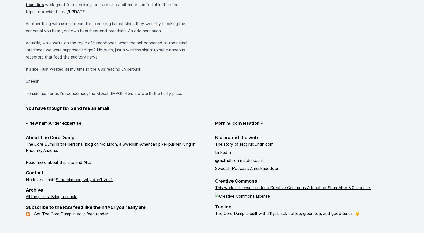  Describe the element at coordinates (107, 50) in the screenshot. I see `'Actually, while we’re on the topic of headphones, what the hell happened to the neural interfaces we were supposed to get? No buds, just a wireless signal to subcutaneous receptors that feed the auditory nerve.'` at that location.